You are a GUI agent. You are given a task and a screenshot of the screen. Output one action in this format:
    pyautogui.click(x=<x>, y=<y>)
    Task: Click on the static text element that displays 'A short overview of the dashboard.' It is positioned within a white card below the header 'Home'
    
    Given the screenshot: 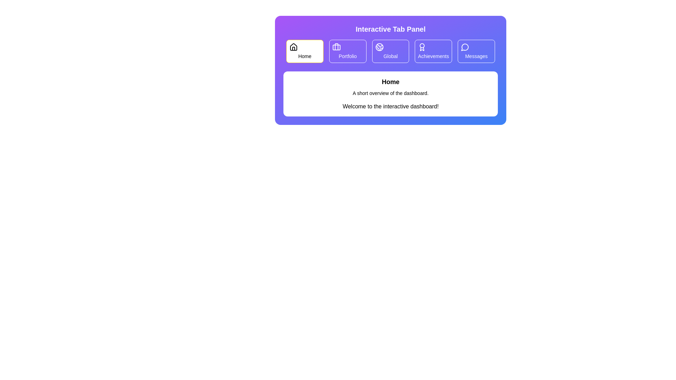 What is the action you would take?
    pyautogui.click(x=390, y=93)
    